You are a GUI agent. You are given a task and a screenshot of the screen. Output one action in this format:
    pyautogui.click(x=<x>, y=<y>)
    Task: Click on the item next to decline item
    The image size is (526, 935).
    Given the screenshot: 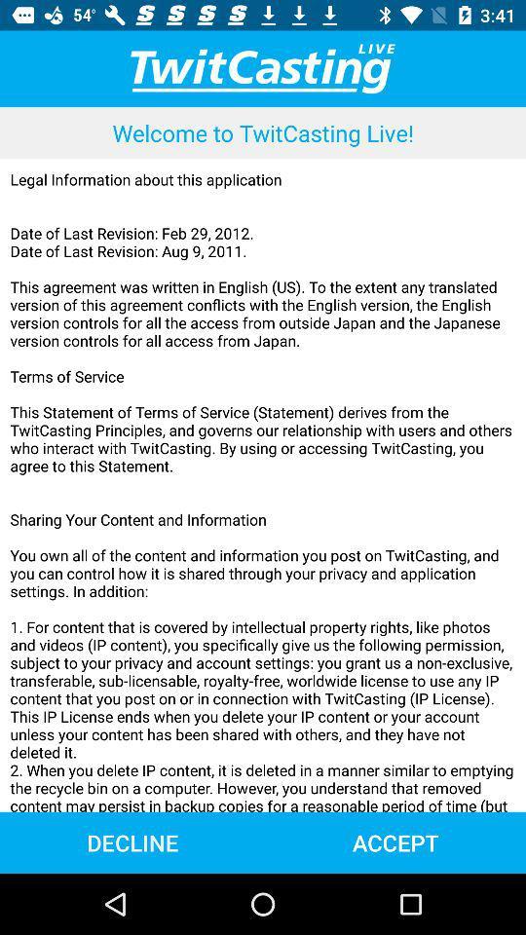 What is the action you would take?
    pyautogui.click(x=394, y=841)
    